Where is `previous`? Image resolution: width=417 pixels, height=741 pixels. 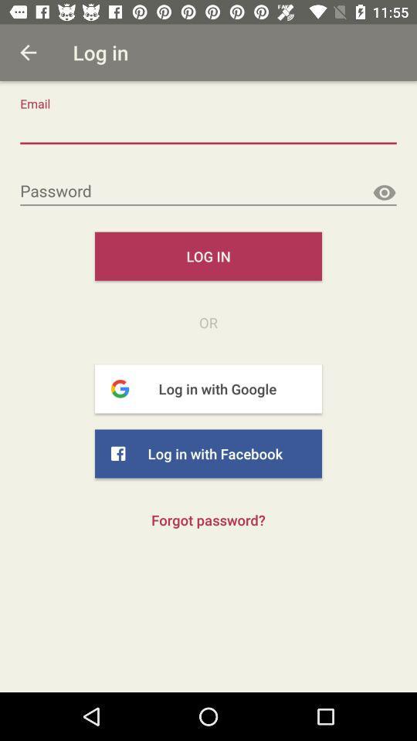 previous is located at coordinates (28, 52).